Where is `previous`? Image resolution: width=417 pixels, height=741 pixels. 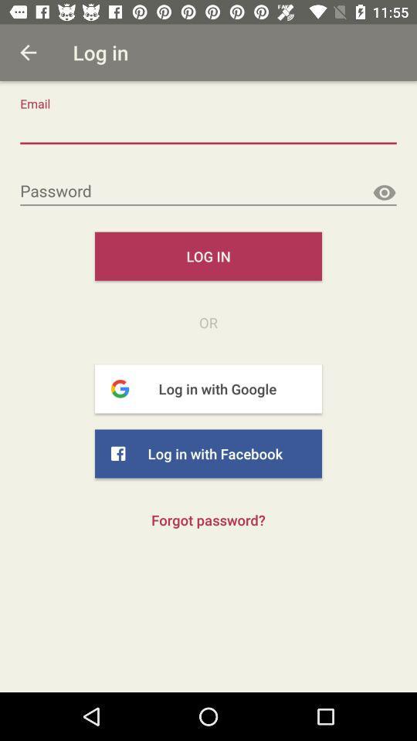 previous is located at coordinates (28, 52).